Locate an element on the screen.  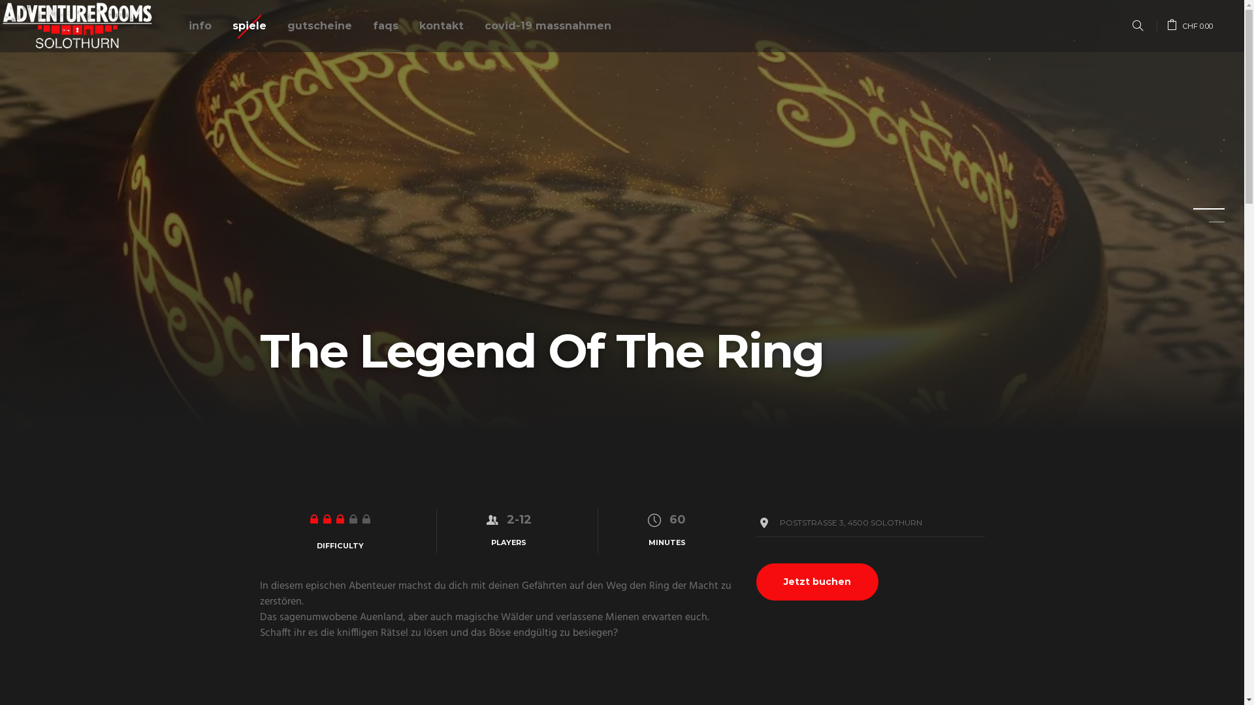
'spiele' is located at coordinates (227, 25).